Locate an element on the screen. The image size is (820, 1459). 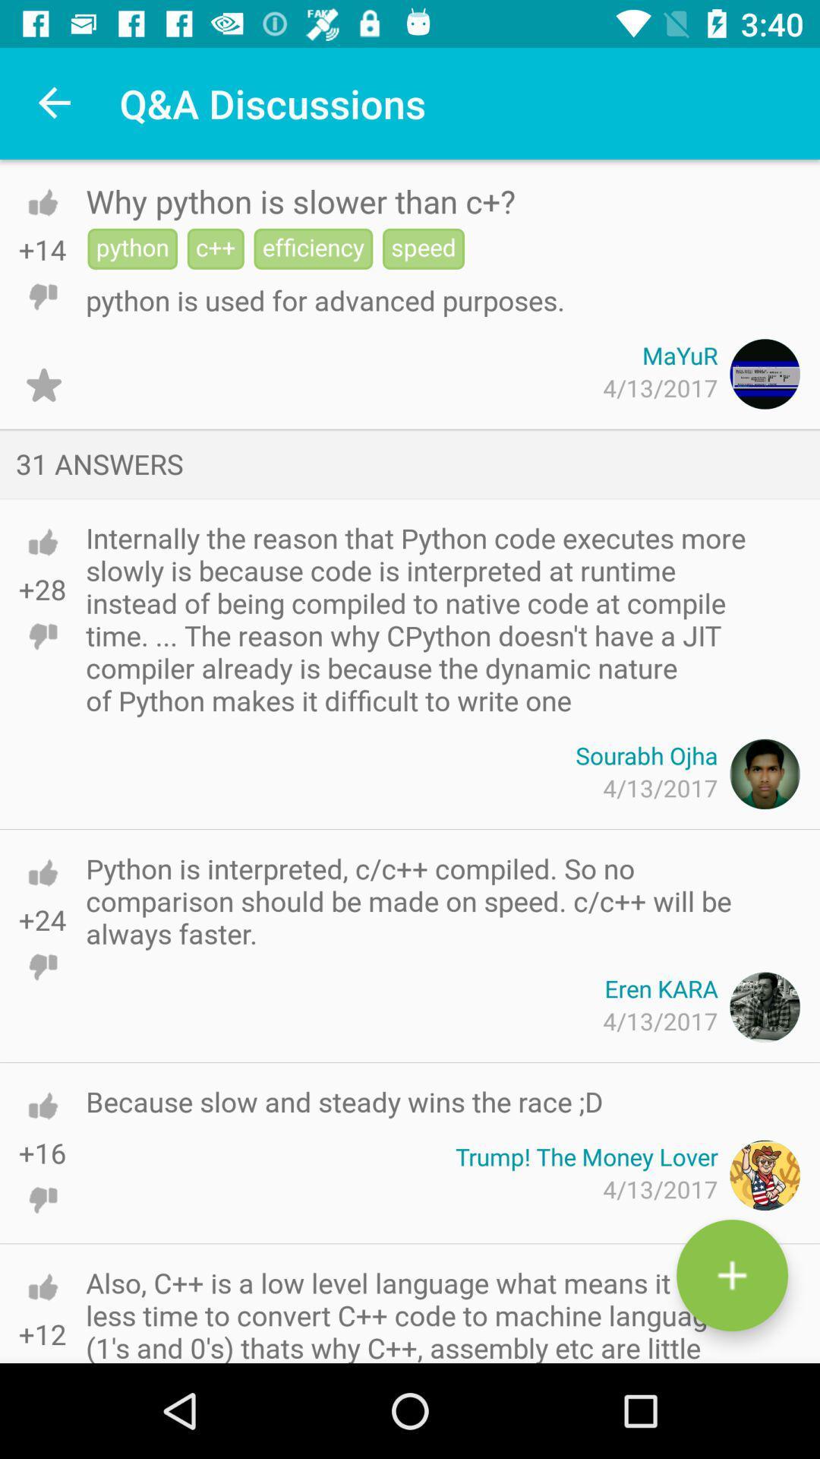
like is located at coordinates (42, 201).